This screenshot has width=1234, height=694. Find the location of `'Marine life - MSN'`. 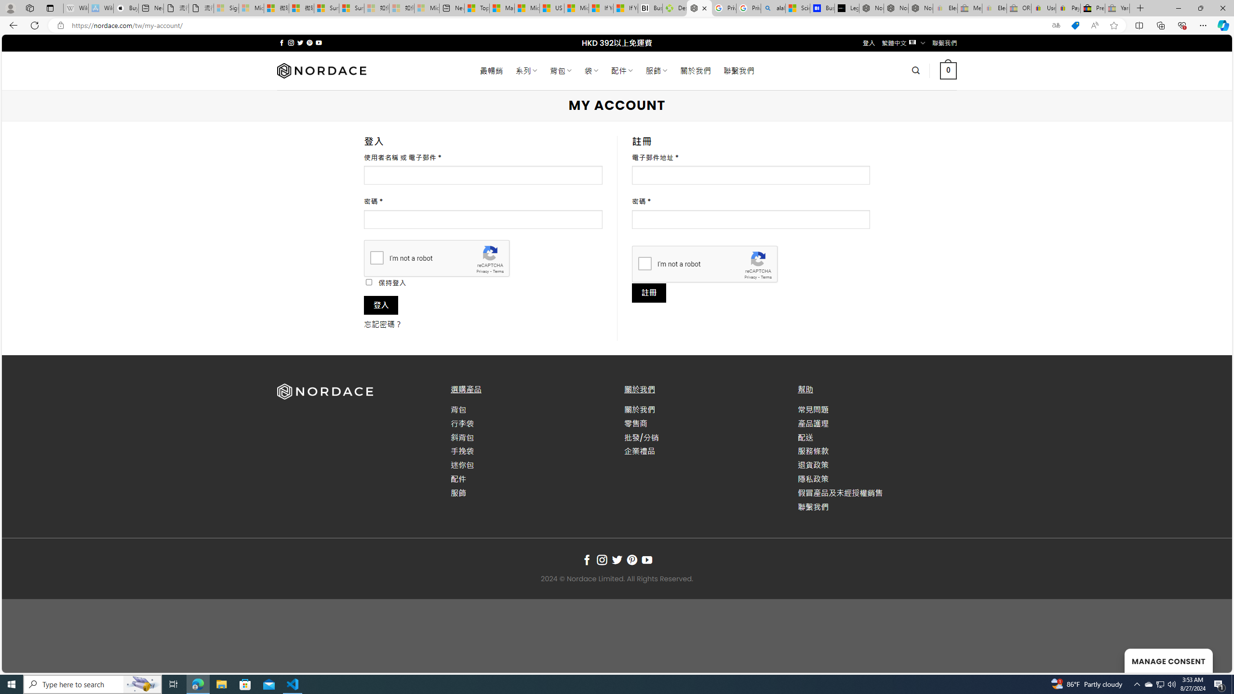

'Marine life - MSN' is located at coordinates (501, 8).